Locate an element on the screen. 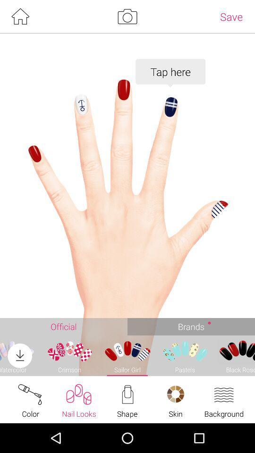 This screenshot has width=255, height=453. the camera button at the top center of the page is located at coordinates (127, 16).